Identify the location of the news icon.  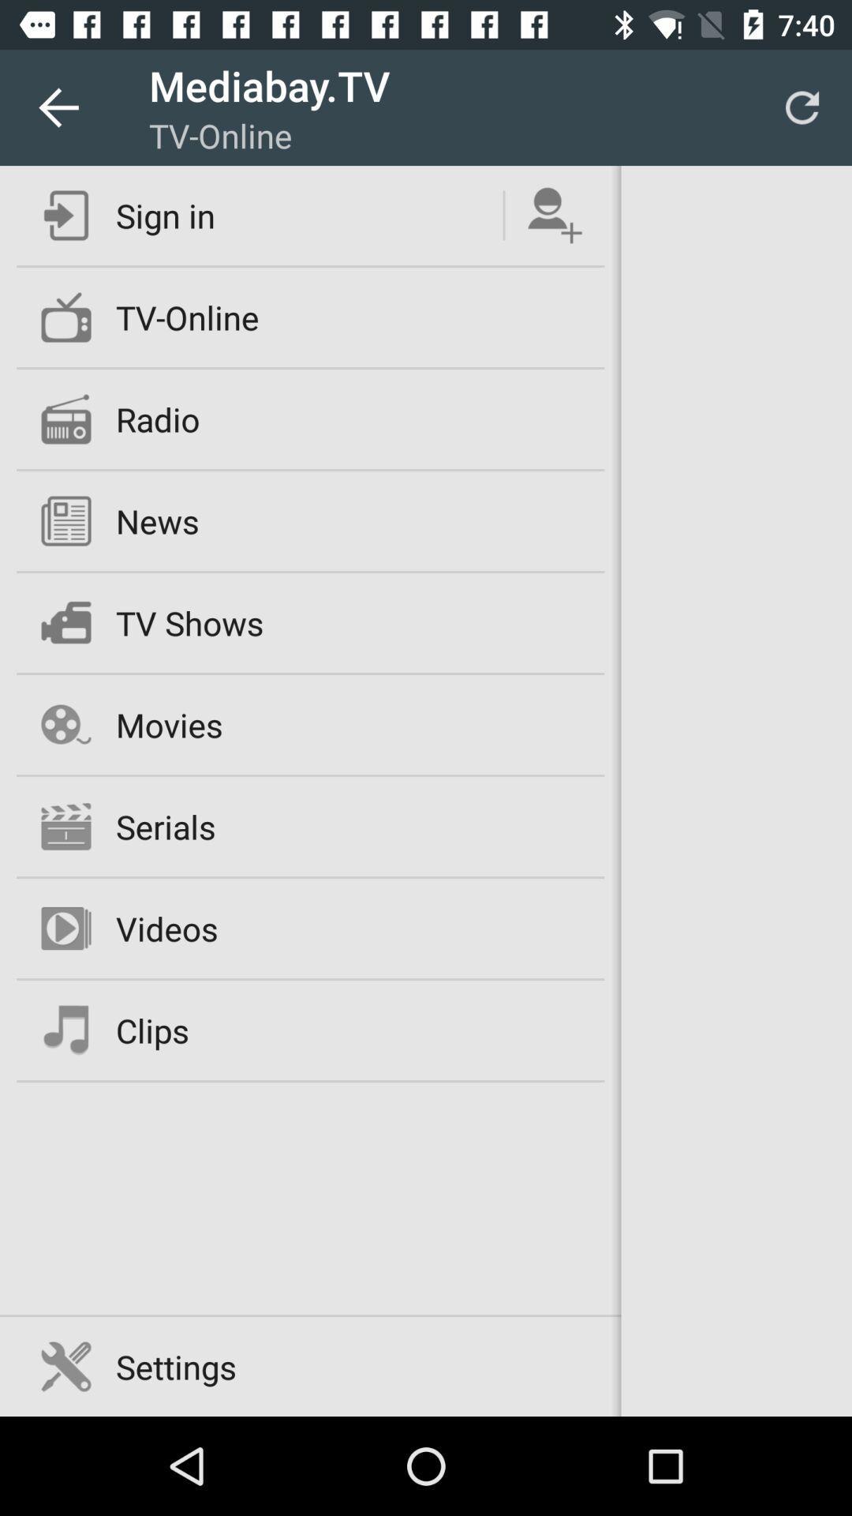
(157, 521).